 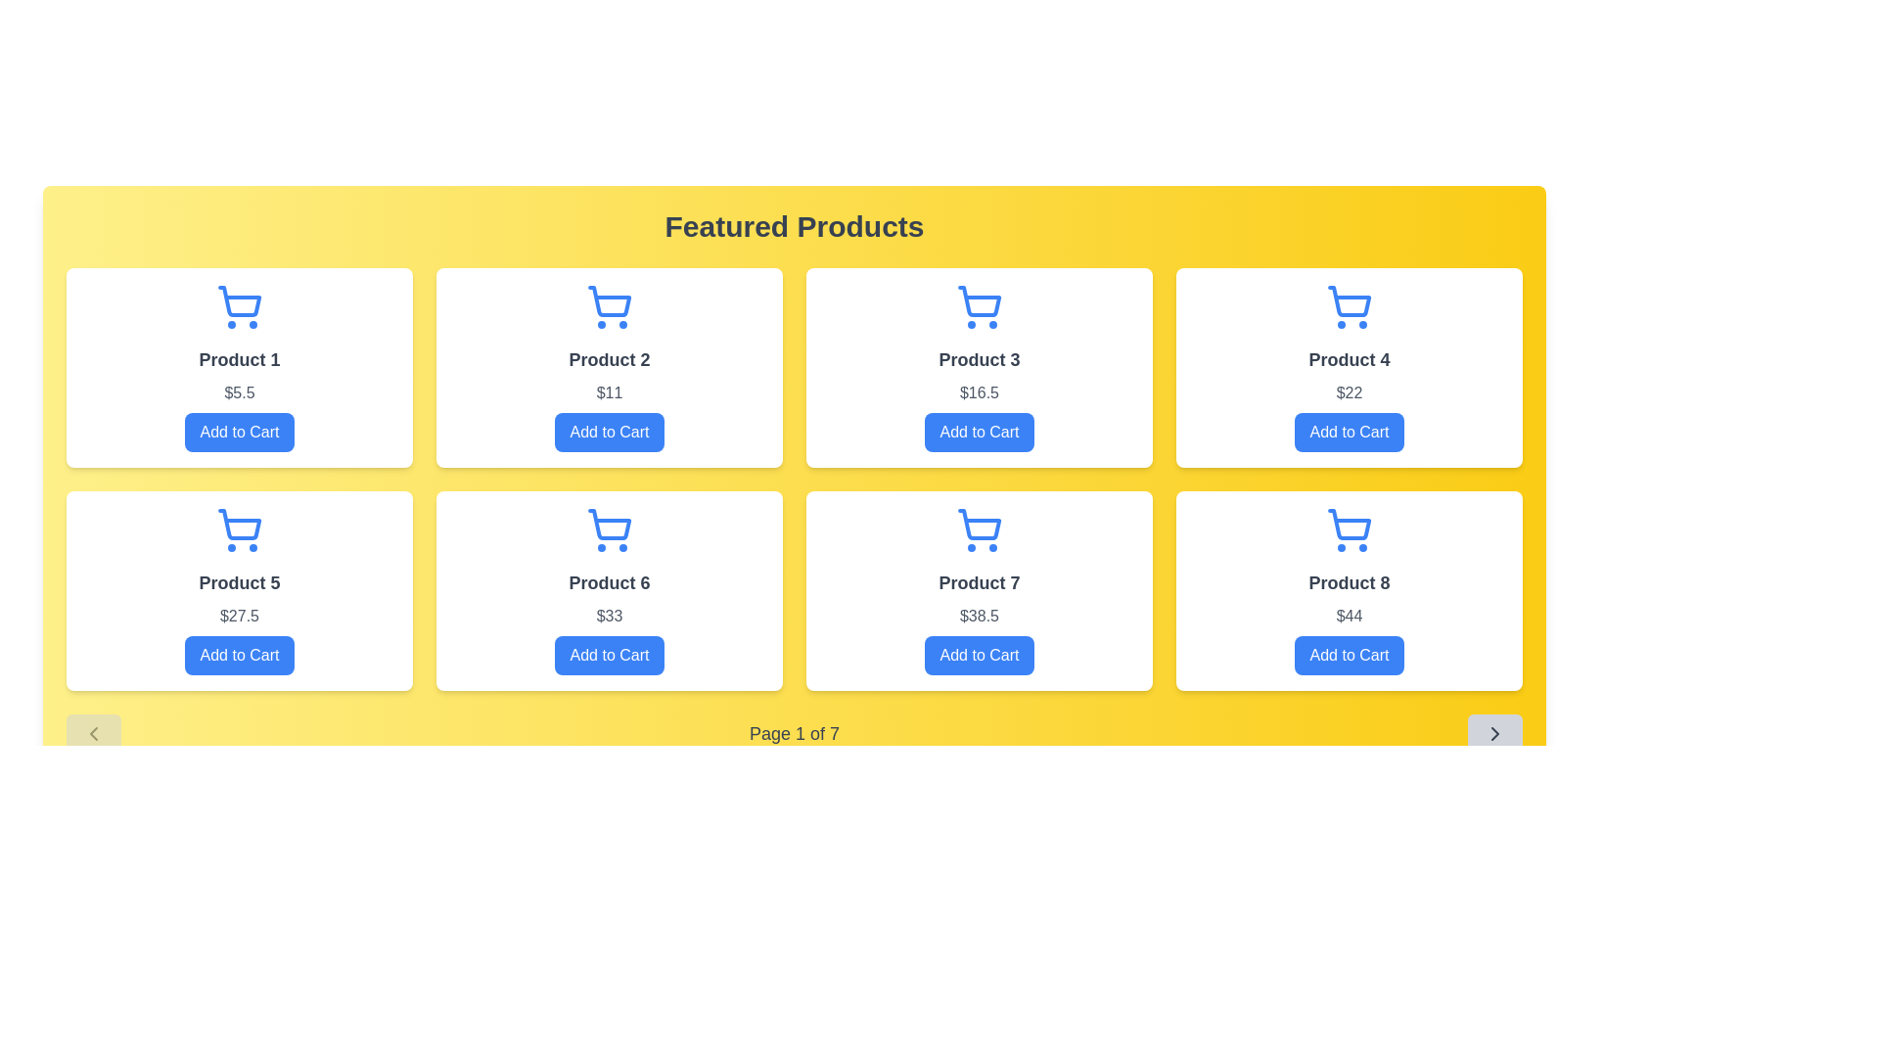 What do you see at coordinates (1348, 582) in the screenshot?
I see `text content of the Text Label identifying 'Product 8', located in the fourth column of the second row, centrally aligned with the price label and shopping cart icon` at bounding box center [1348, 582].